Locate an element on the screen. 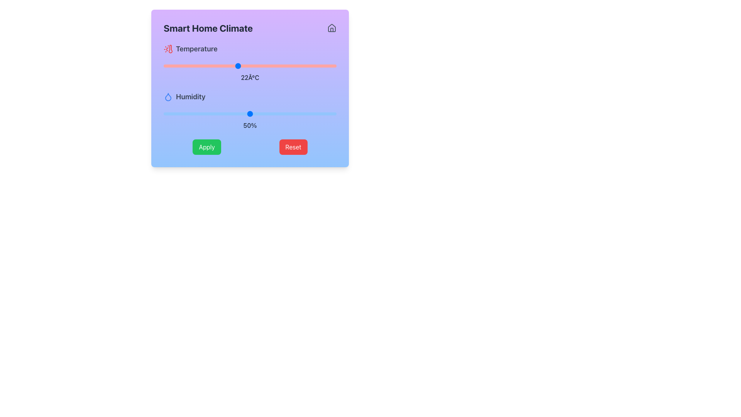 The height and width of the screenshot is (417, 741). the Interactive Slider with Display Text to change the humidity level from its current setting of 50% is located at coordinates (250, 110).